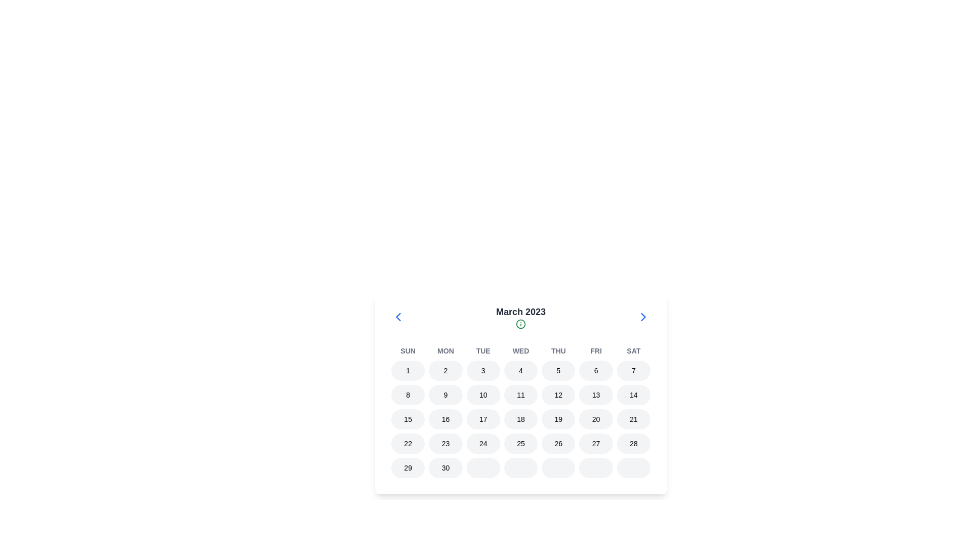  I want to click on the button representing the date '18' in the calendar interface, so click(520, 419).